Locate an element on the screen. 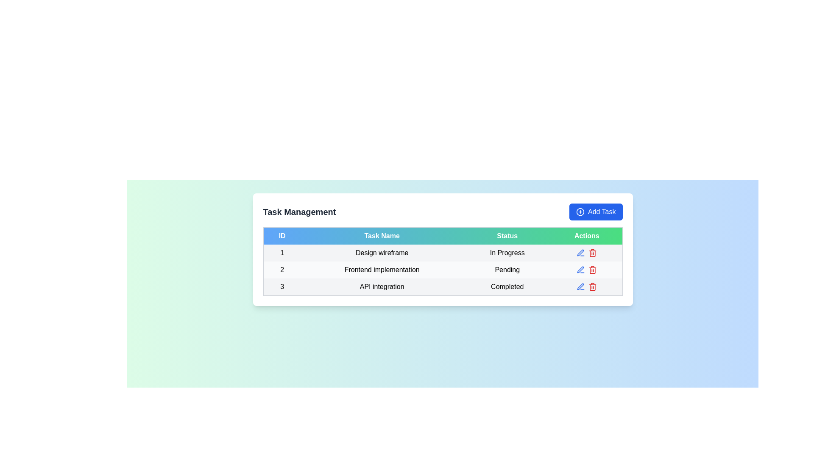 The image size is (814, 457). the static text label displaying 'Design wireframe', located in the second cell of the first row under the 'Task Name' column, aligned with the identifier '1' from the 'ID' column is located at coordinates (382, 252).